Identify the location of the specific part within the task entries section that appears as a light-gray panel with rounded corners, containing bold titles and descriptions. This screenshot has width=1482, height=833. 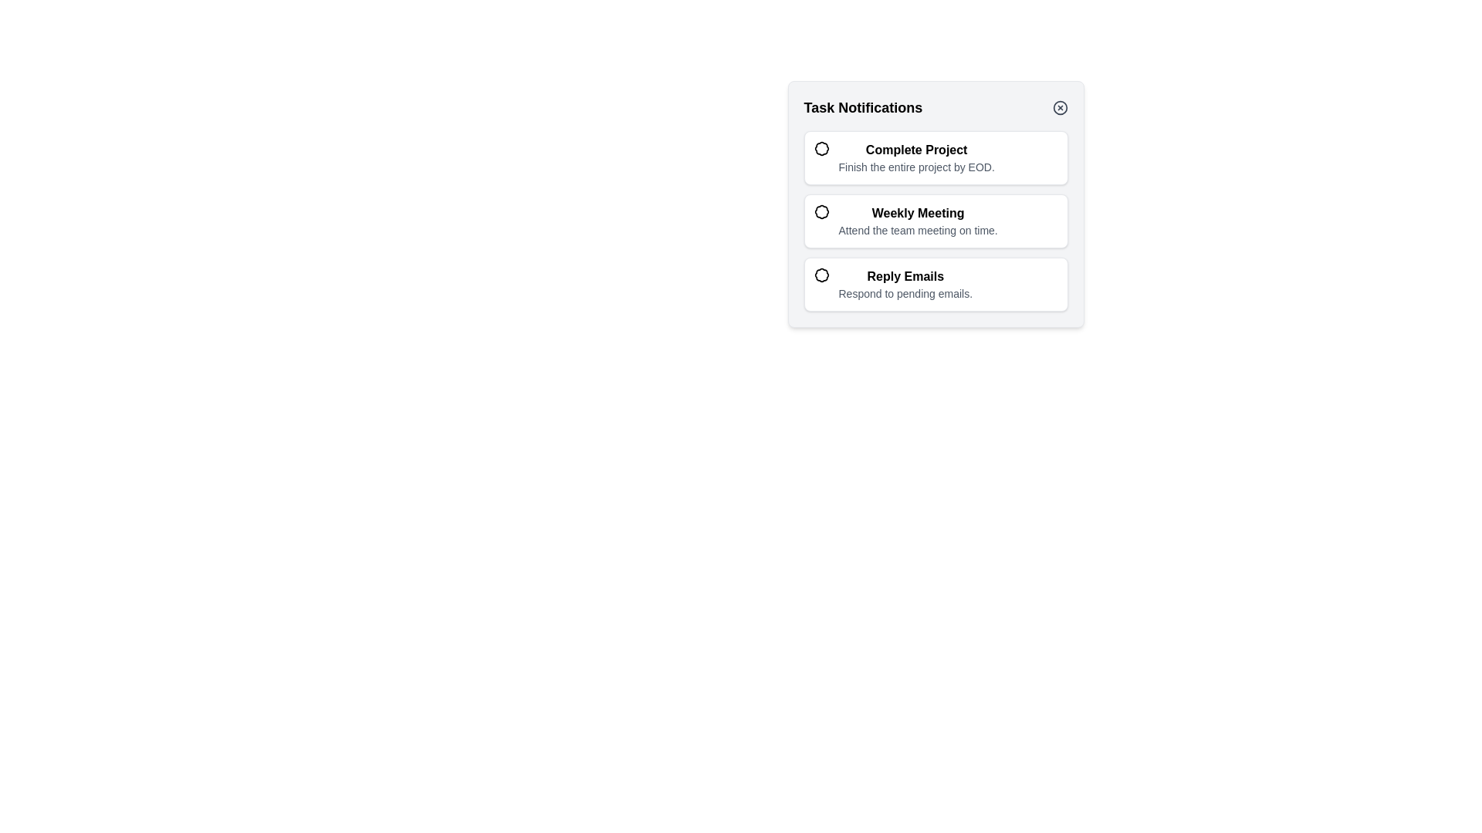
(935, 204).